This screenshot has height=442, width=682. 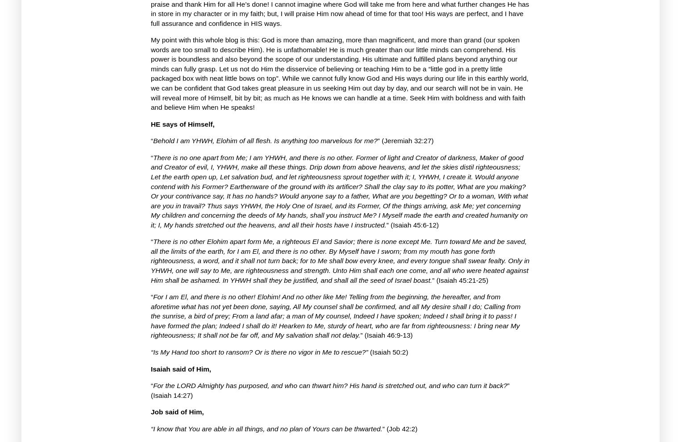 What do you see at coordinates (399, 428) in the screenshot?
I see `'” (Job 42:2)'` at bounding box center [399, 428].